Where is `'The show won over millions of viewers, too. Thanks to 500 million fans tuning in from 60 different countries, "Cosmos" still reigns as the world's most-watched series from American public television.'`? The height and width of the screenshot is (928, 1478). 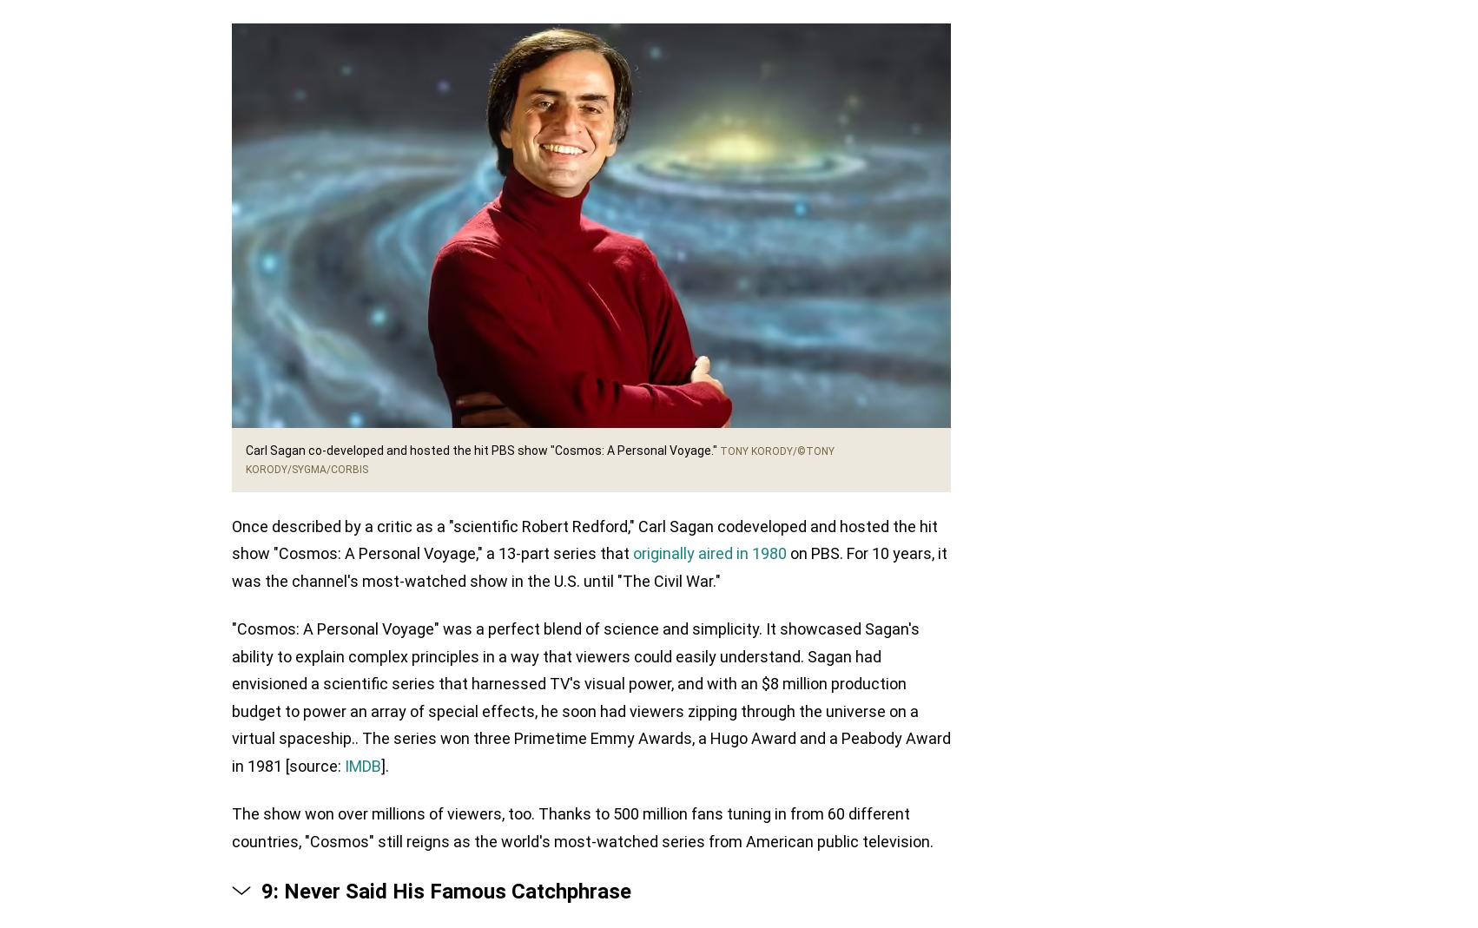 'The show won over millions of viewers, too. Thanks to 500 million fans tuning in from 60 different countries, "Cosmos" still reigns as the world's most-watched series from American public television.' is located at coordinates (582, 826).